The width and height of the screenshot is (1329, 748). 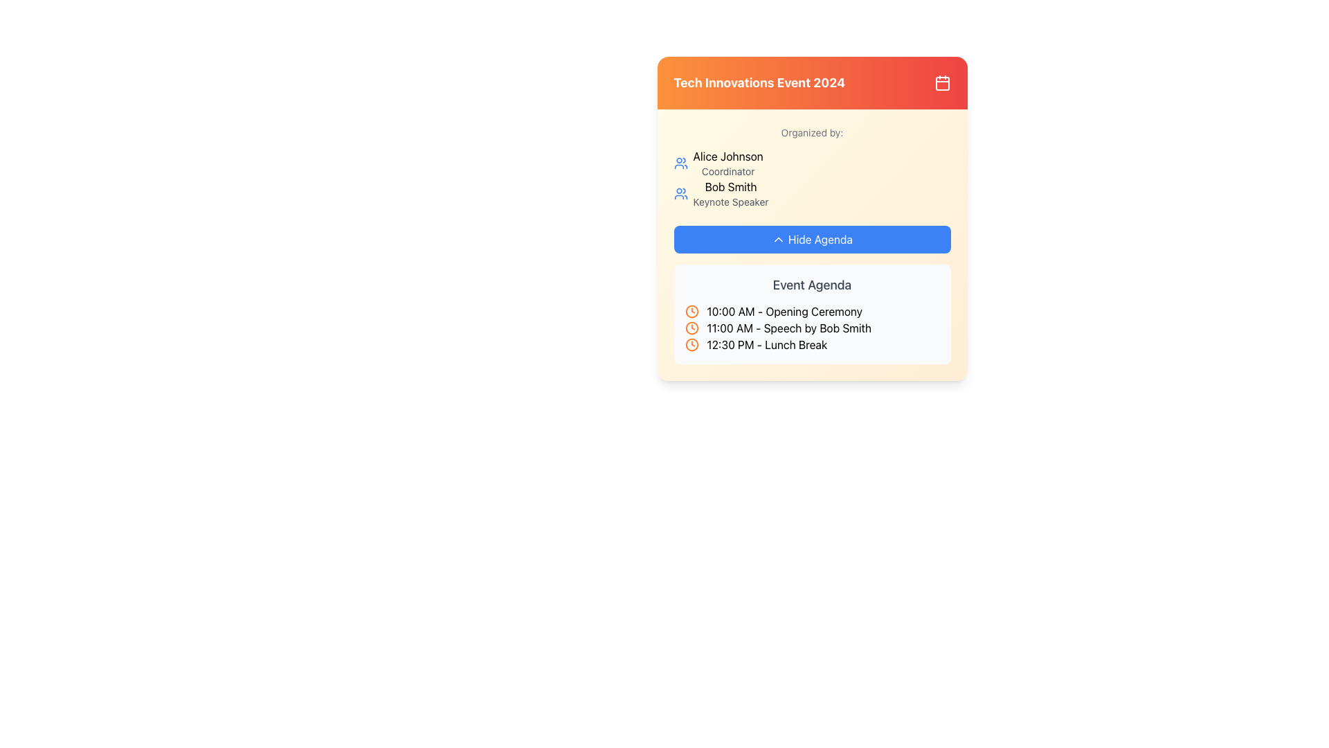 What do you see at coordinates (789, 328) in the screenshot?
I see `the second agenda entry text label that indicates the time and title of a specific speech, situated between '10:00 AM - Opening Ceremony' and '12:30 PM - Lunch Break'` at bounding box center [789, 328].